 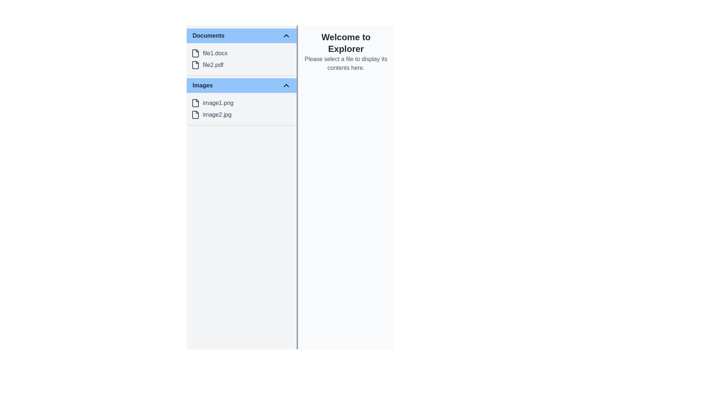 What do you see at coordinates (195, 114) in the screenshot?
I see `the SVG graphics icon representing the file 'image2.jpg' in the 'Images' section of the left navigation panel` at bounding box center [195, 114].